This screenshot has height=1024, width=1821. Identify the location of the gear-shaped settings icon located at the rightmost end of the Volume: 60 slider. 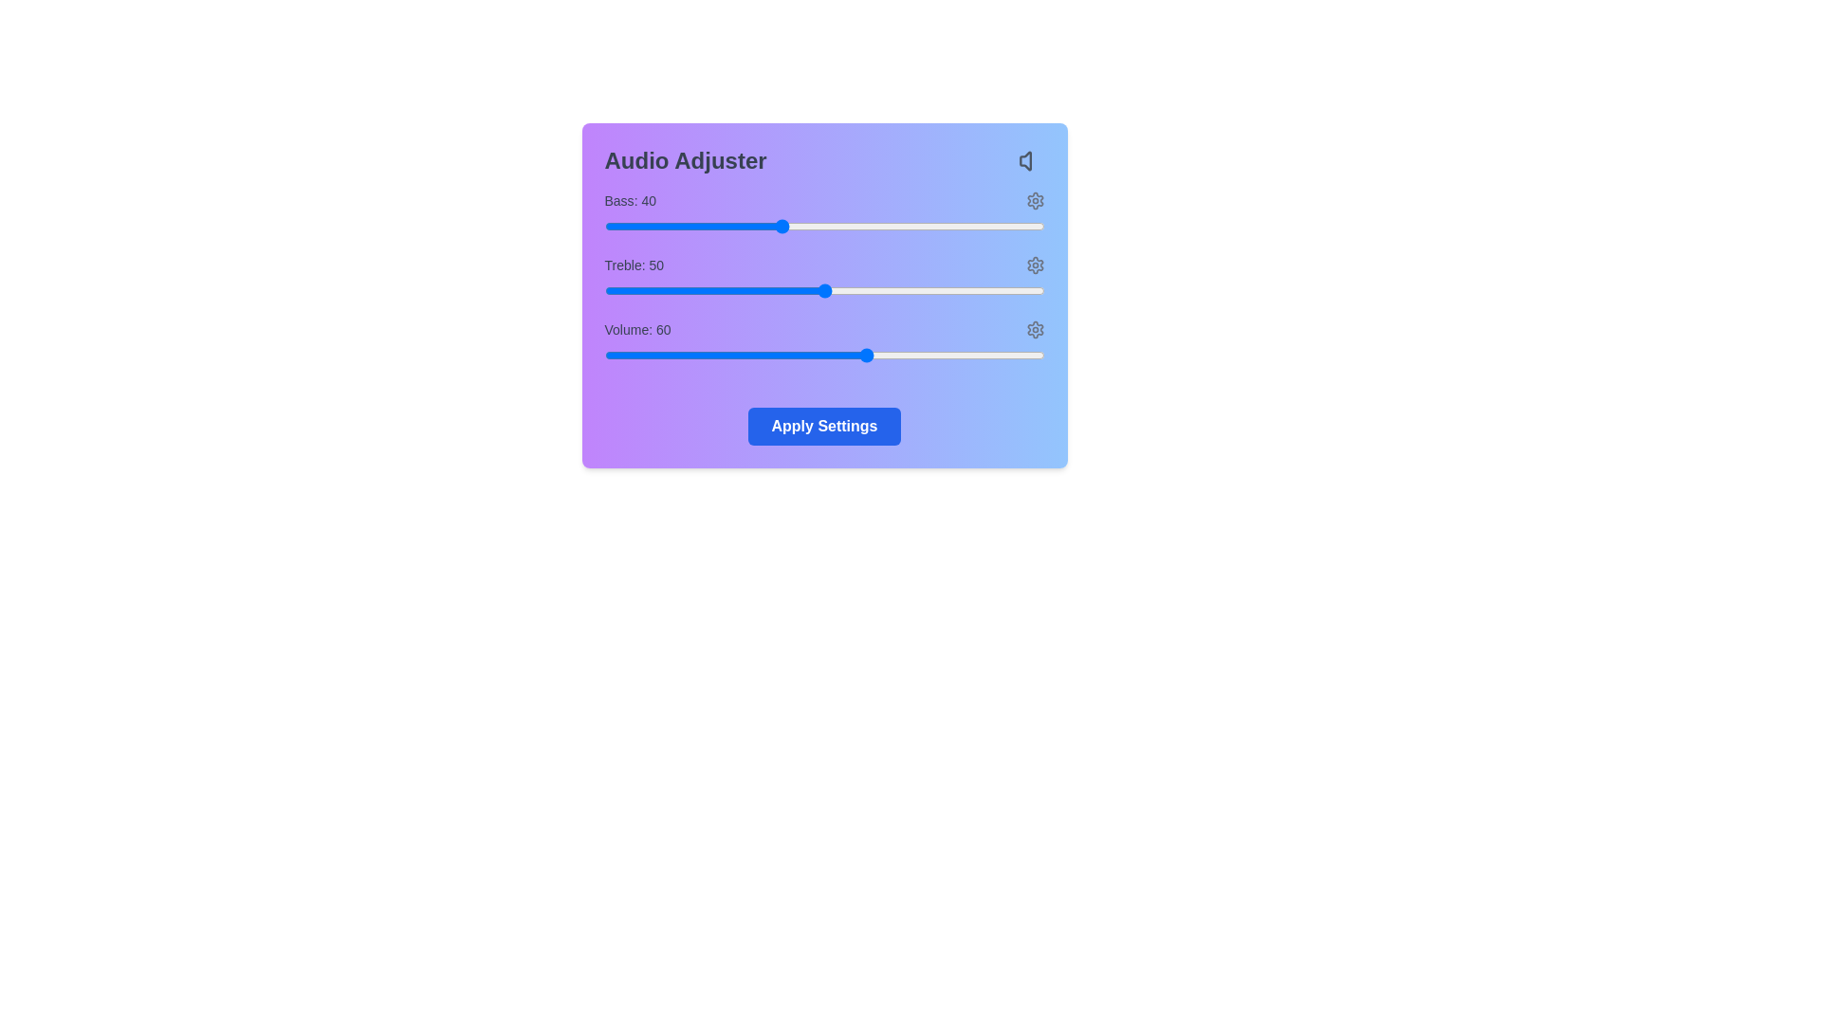
(1034, 328).